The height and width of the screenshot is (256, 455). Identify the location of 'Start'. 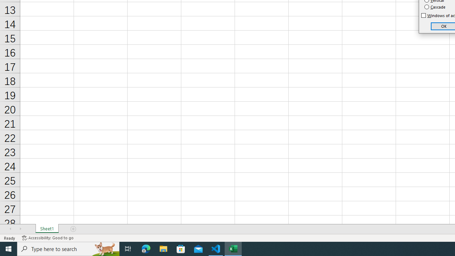
(9, 248).